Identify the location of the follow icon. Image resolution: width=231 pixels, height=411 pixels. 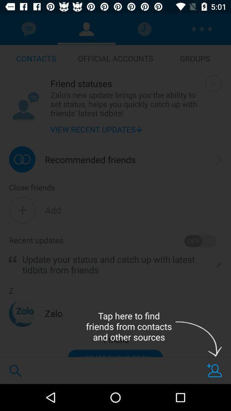
(214, 370).